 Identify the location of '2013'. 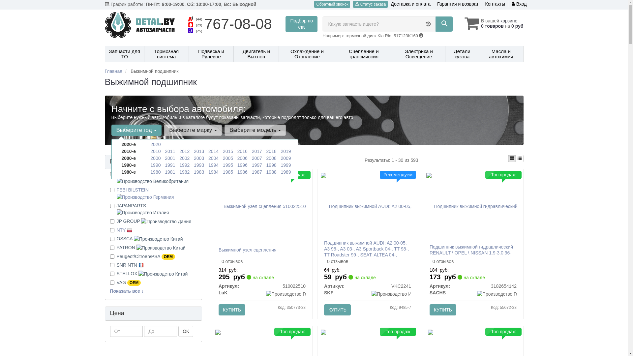
(198, 151).